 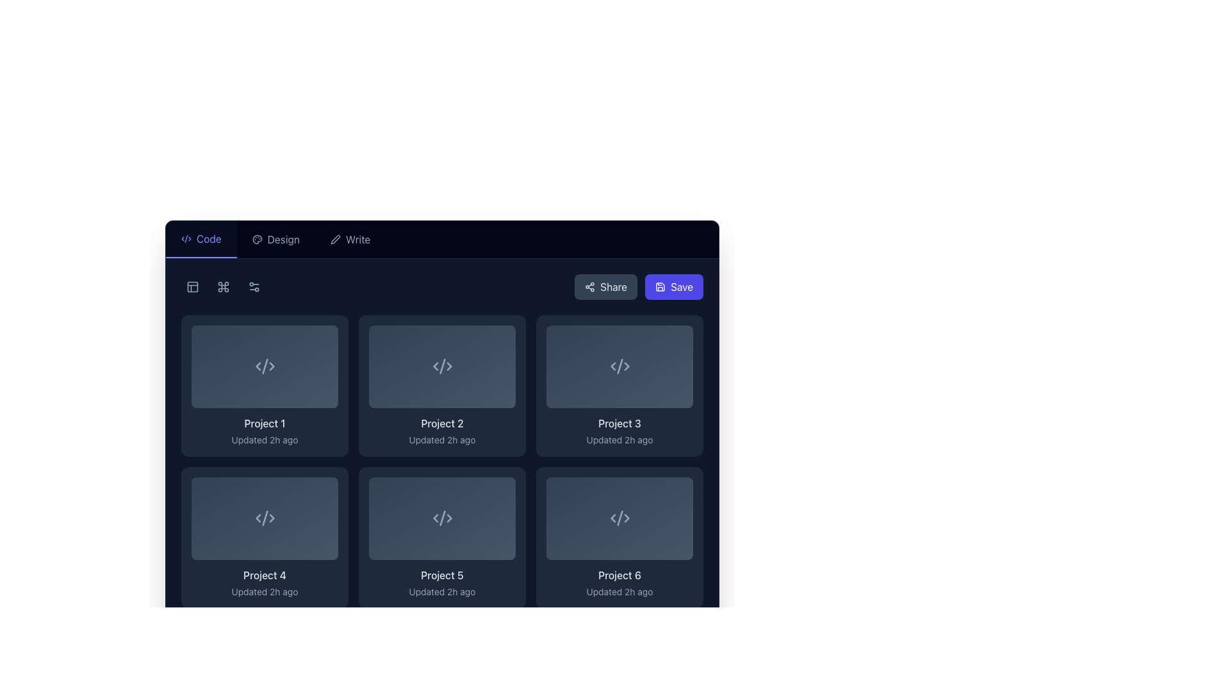 I want to click on the project card button for 'Project 6' located in the bottom-right corner of the grid layout, so click(x=619, y=538).